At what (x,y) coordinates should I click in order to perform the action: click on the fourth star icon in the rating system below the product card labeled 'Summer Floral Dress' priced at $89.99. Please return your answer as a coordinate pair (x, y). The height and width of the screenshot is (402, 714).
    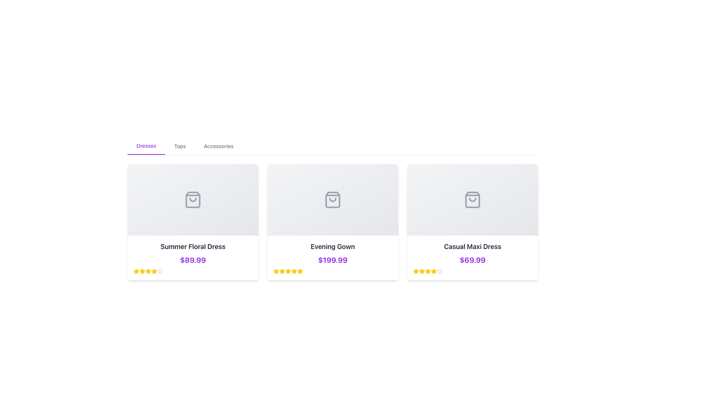
    Looking at the image, I should click on (160, 271).